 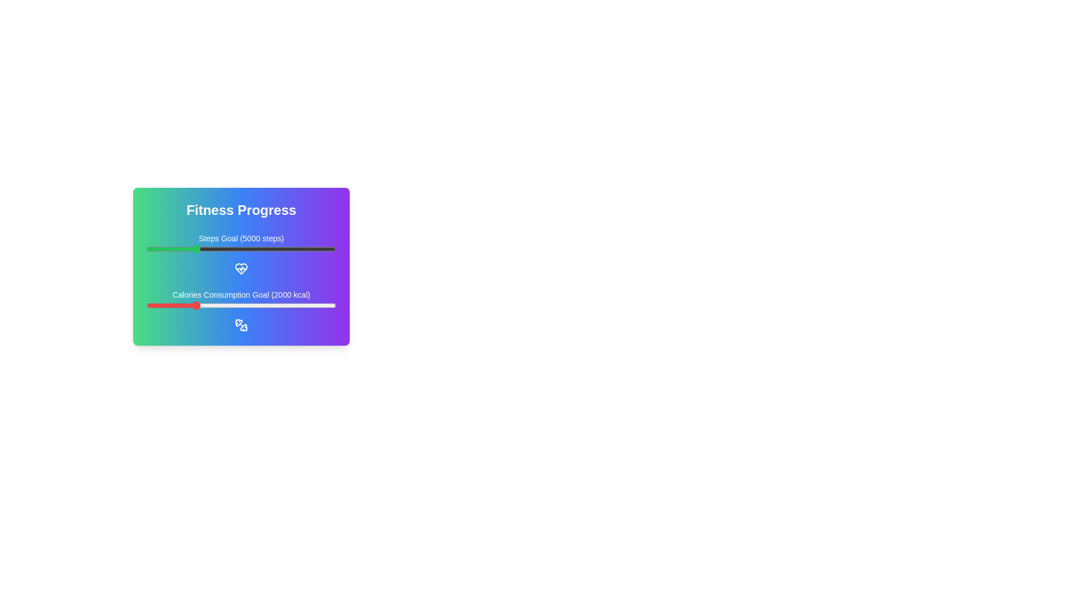 What do you see at coordinates (162, 249) in the screenshot?
I see `the steps goal` at bounding box center [162, 249].